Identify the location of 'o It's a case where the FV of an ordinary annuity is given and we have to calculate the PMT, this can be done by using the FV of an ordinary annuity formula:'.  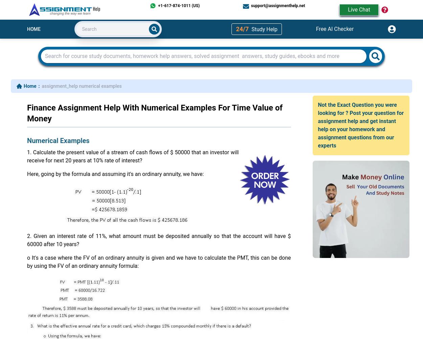
(158, 262).